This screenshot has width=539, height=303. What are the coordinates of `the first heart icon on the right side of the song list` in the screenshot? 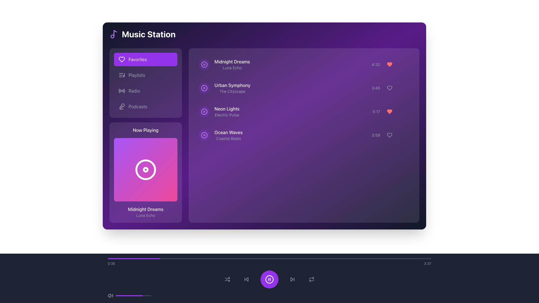 It's located at (389, 64).